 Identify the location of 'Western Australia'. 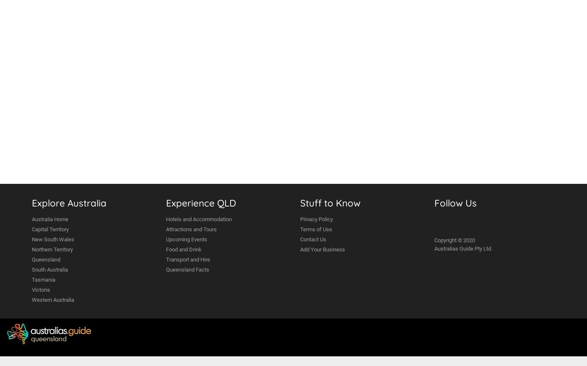
(53, 299).